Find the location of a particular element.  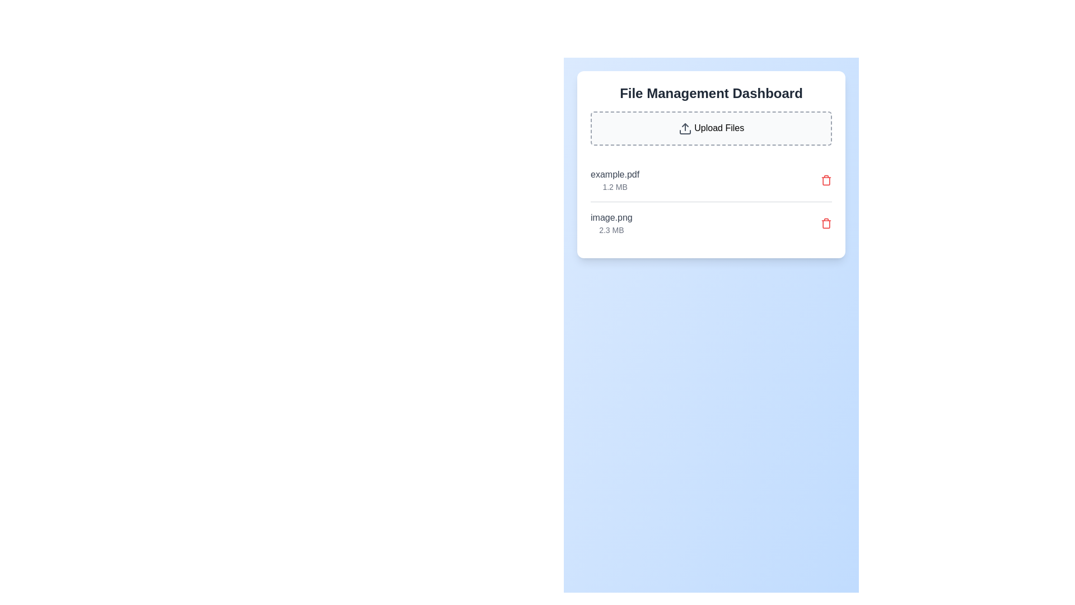

the text label displaying '1.2 MB', which is positioned below 'example.pdf' in the file list interface is located at coordinates (614, 186).